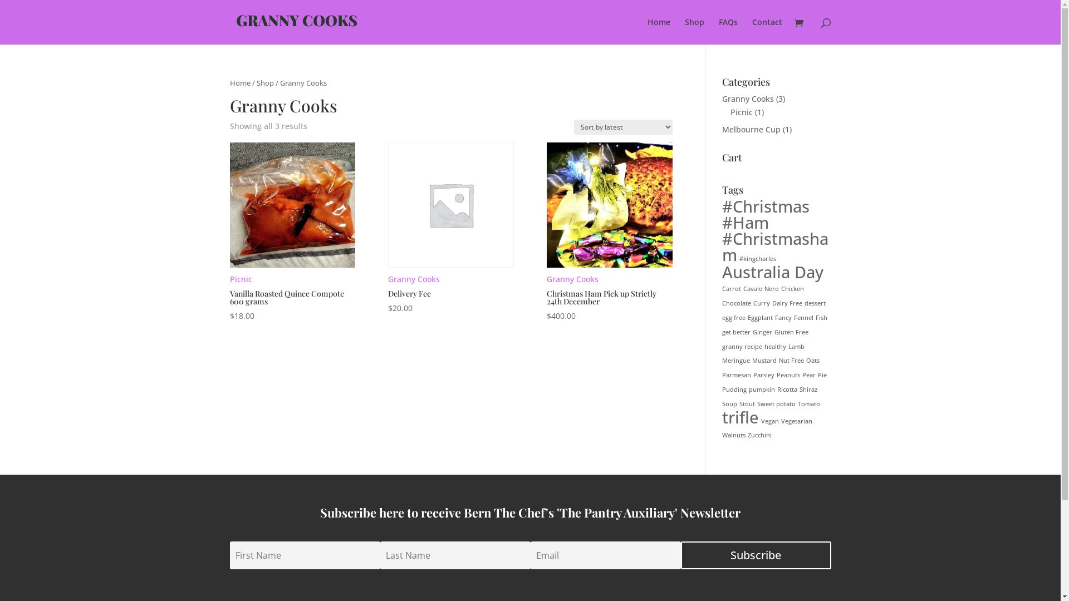  Describe the element at coordinates (788, 375) in the screenshot. I see `'Peanuts'` at that location.